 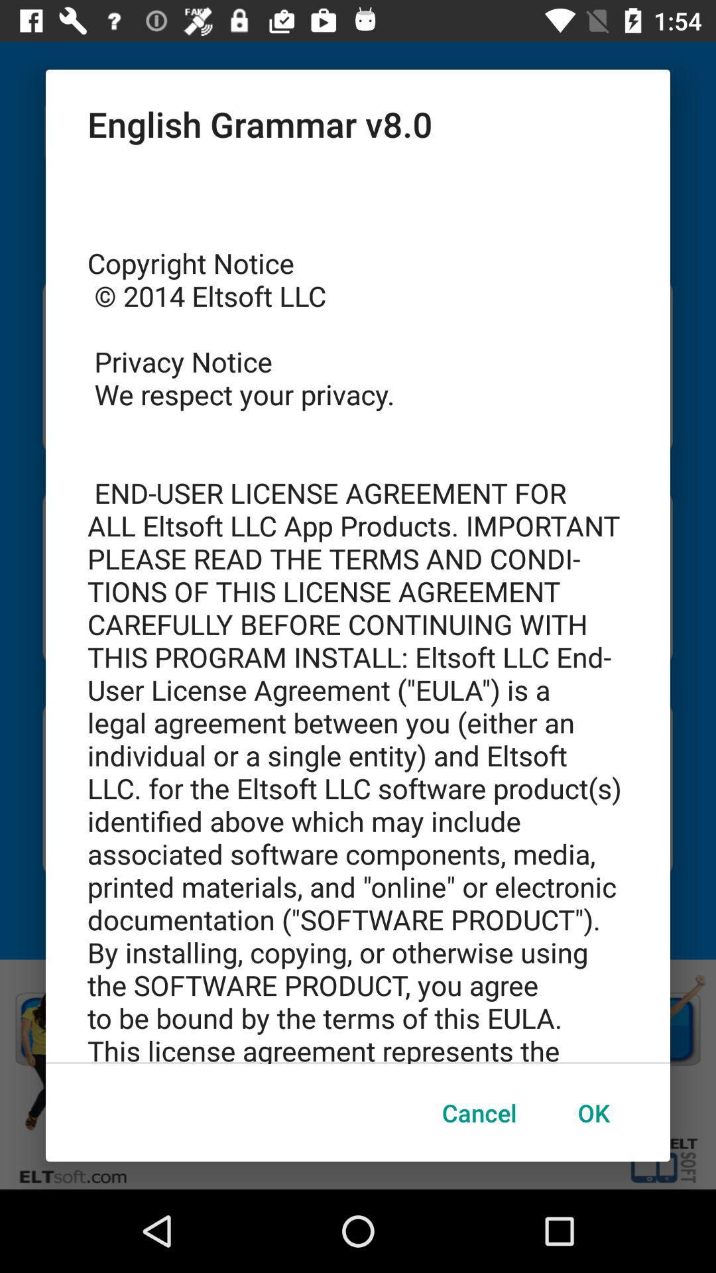 What do you see at coordinates (479, 1113) in the screenshot?
I see `item to the left of ok` at bounding box center [479, 1113].